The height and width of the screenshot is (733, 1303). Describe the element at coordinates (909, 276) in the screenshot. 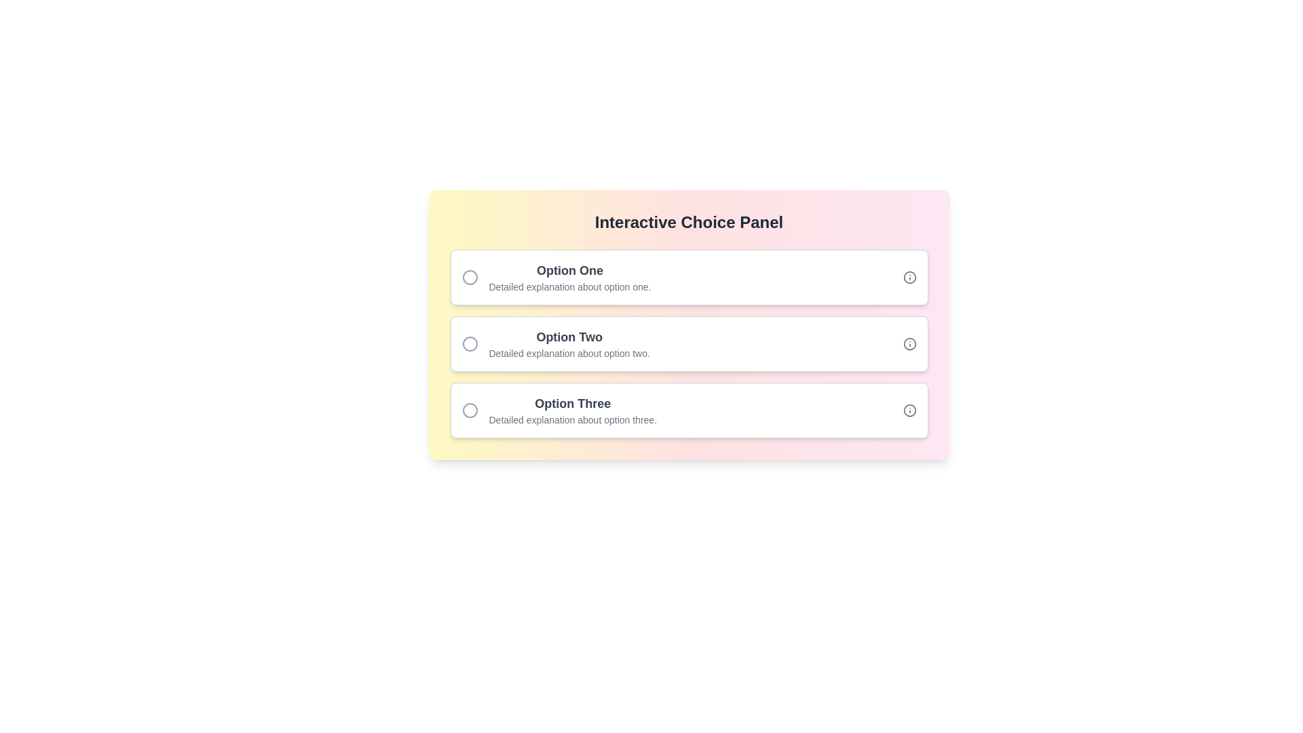

I see `the informational icon located to the far right of the option labeled 'Option One'` at that location.